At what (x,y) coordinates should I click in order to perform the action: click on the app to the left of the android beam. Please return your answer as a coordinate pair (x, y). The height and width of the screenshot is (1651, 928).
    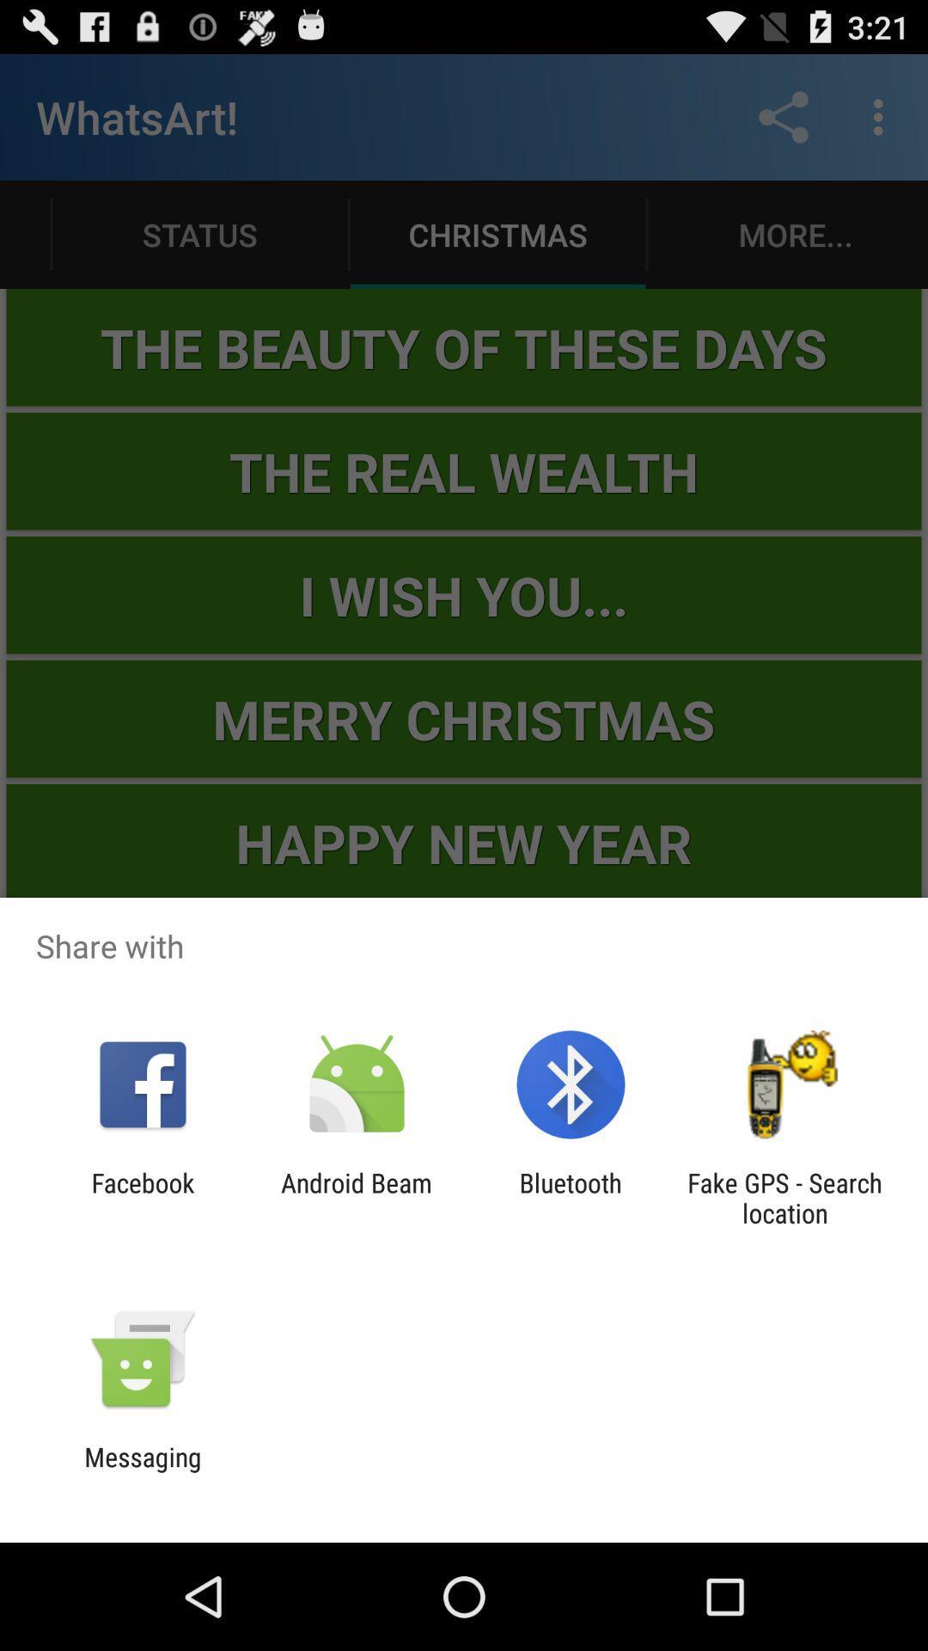
    Looking at the image, I should click on (142, 1197).